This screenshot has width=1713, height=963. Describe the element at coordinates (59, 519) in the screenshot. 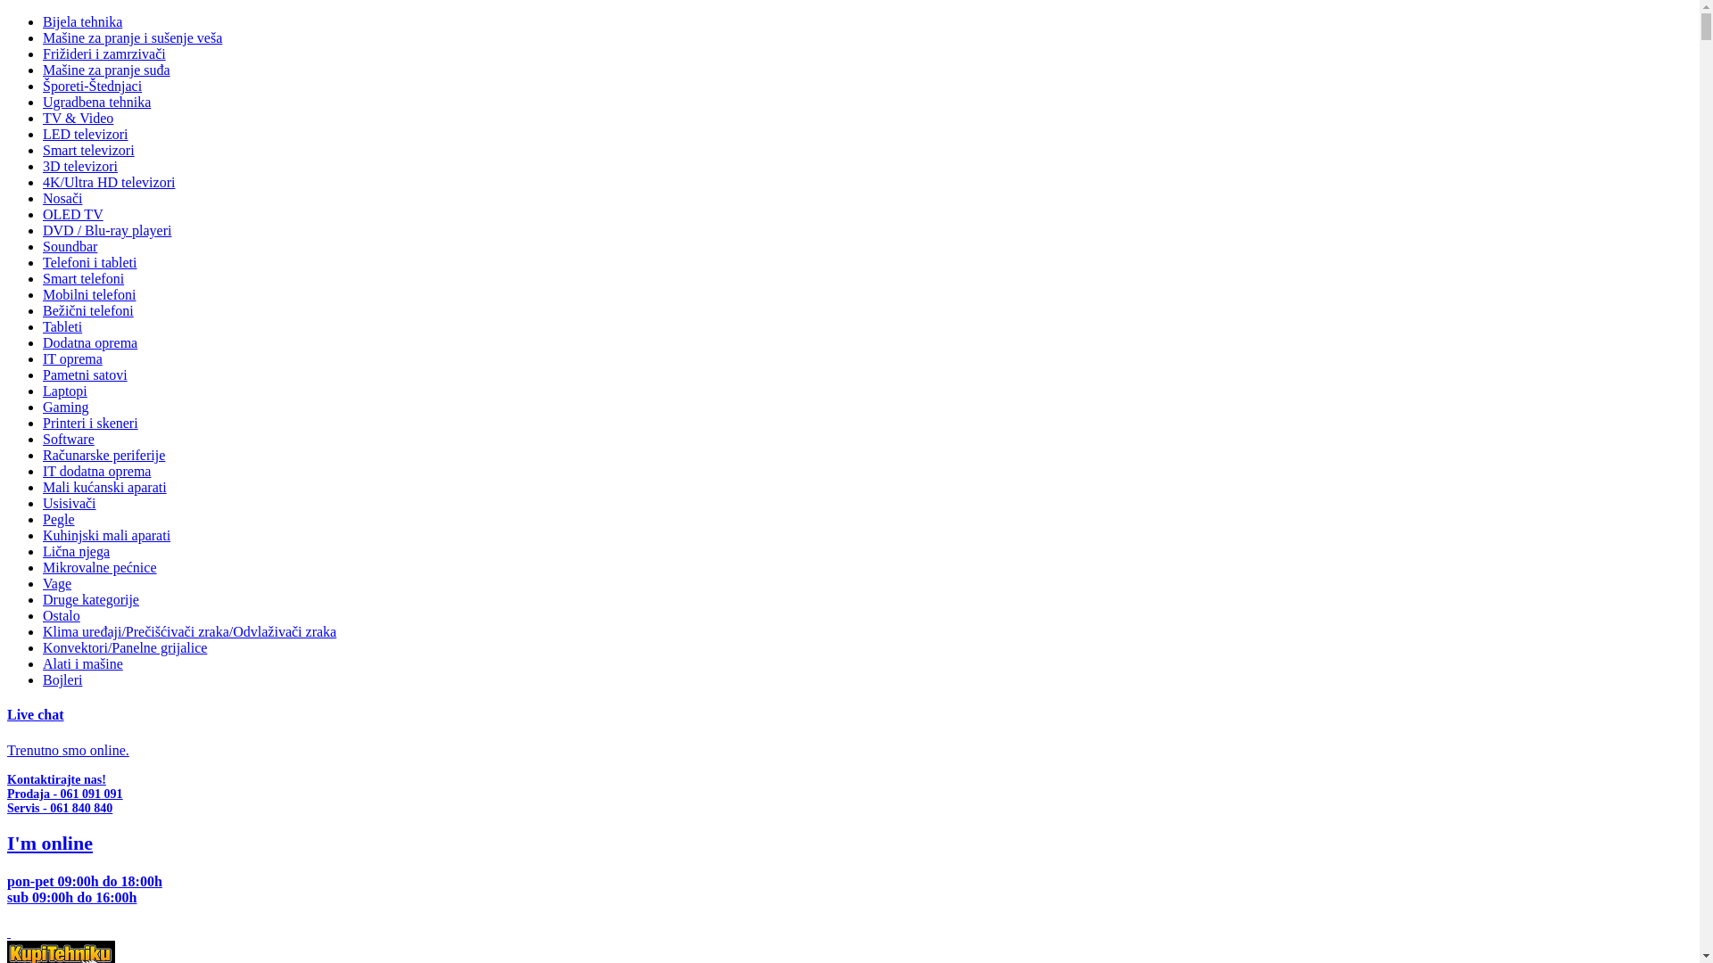

I see `'Pegle'` at that location.